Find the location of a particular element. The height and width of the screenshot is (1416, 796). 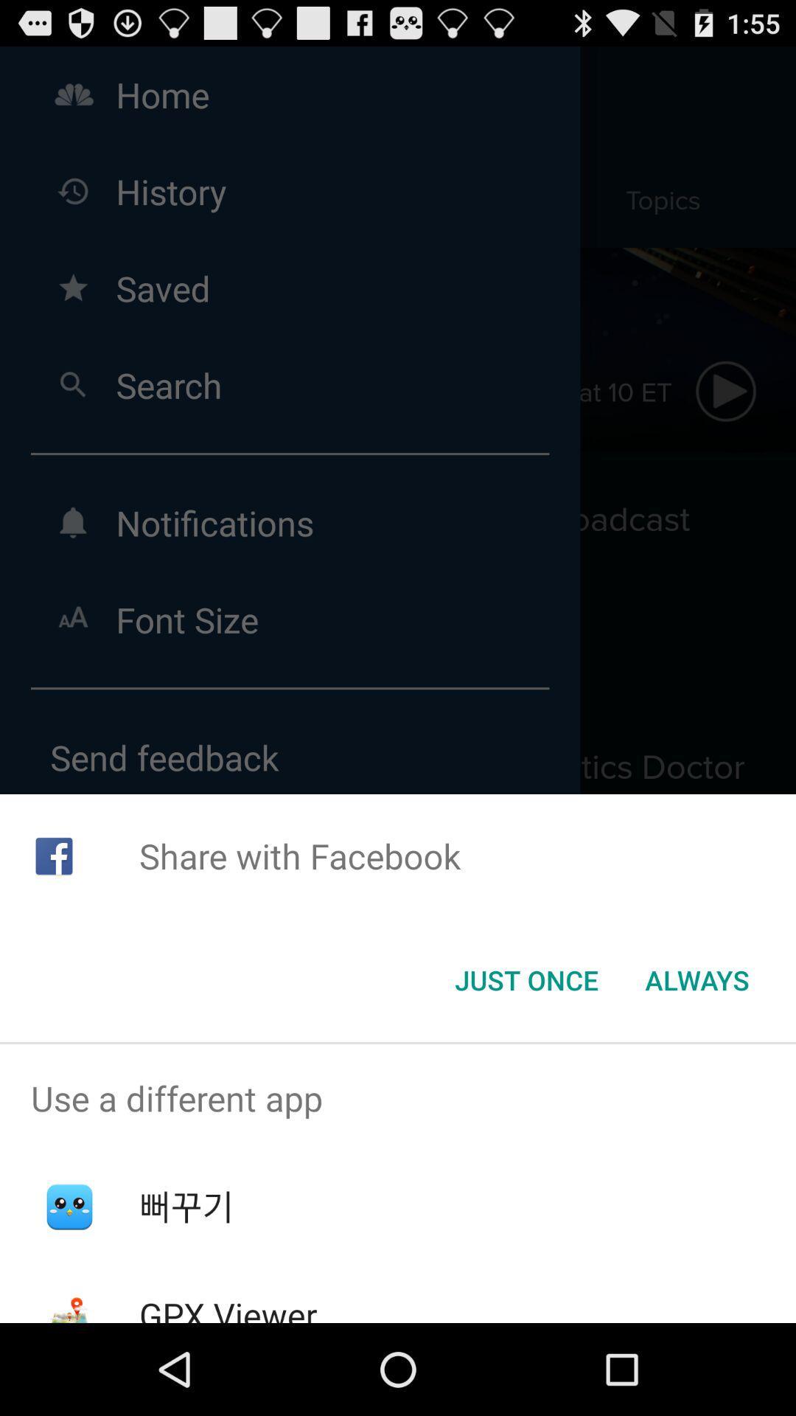

the use a different icon is located at coordinates (398, 1098).